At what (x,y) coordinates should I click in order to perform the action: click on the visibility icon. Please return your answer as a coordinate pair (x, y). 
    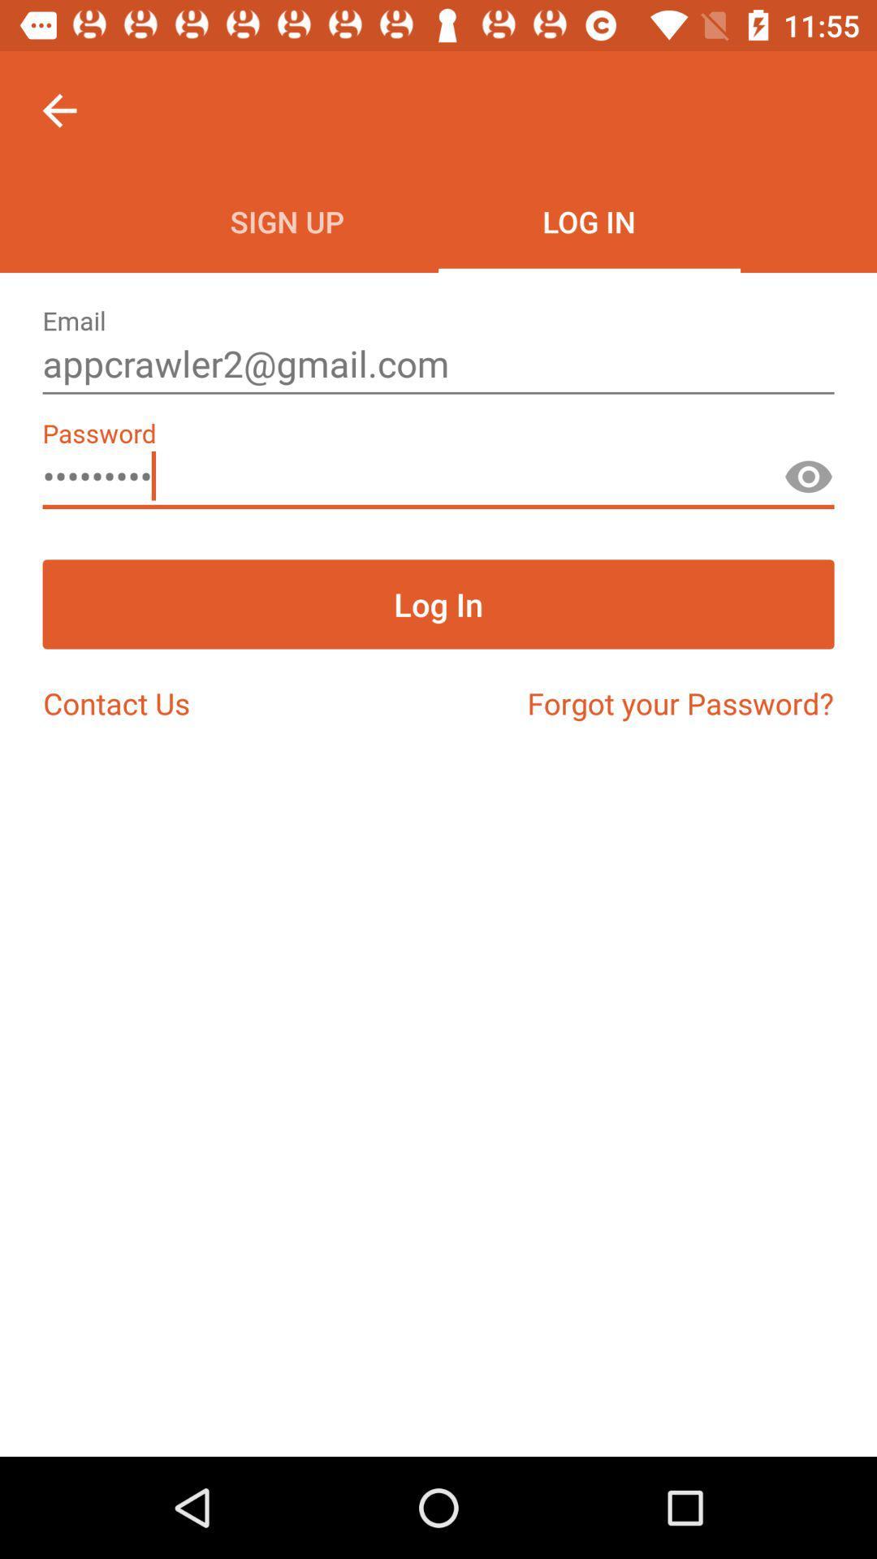
    Looking at the image, I should click on (808, 483).